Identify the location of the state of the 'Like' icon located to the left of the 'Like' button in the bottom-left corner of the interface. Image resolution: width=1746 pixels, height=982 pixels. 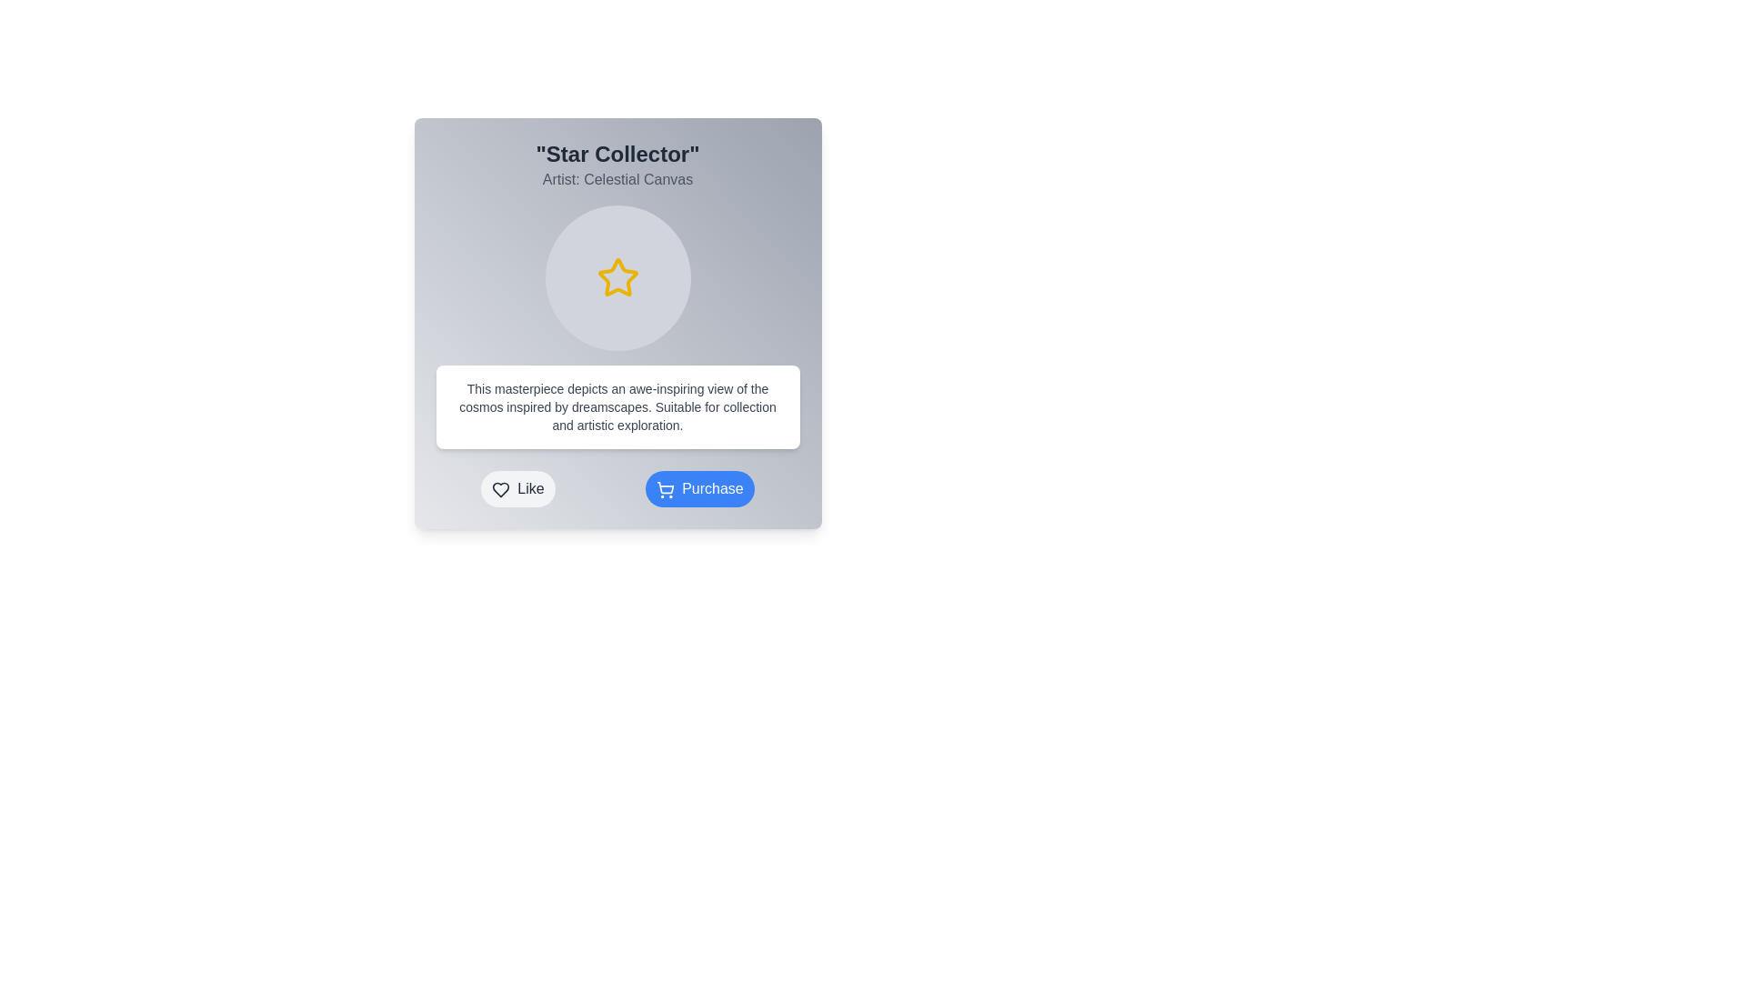
(501, 488).